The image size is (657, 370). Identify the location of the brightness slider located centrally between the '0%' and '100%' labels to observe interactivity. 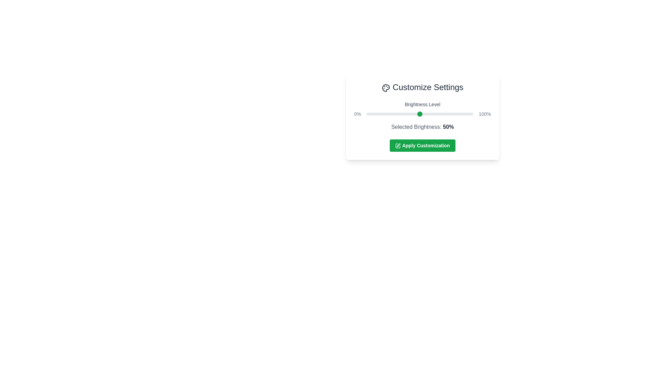
(420, 113).